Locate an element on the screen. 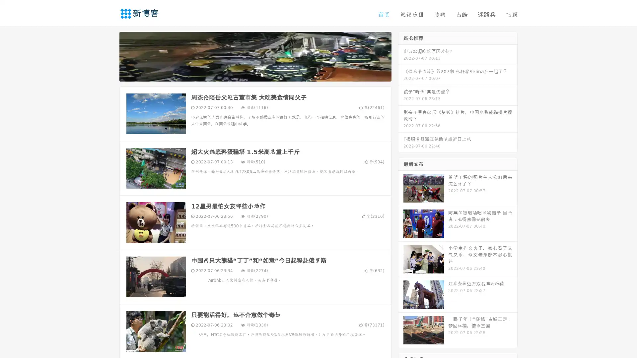  Go to slide 2 is located at coordinates (255, 75).